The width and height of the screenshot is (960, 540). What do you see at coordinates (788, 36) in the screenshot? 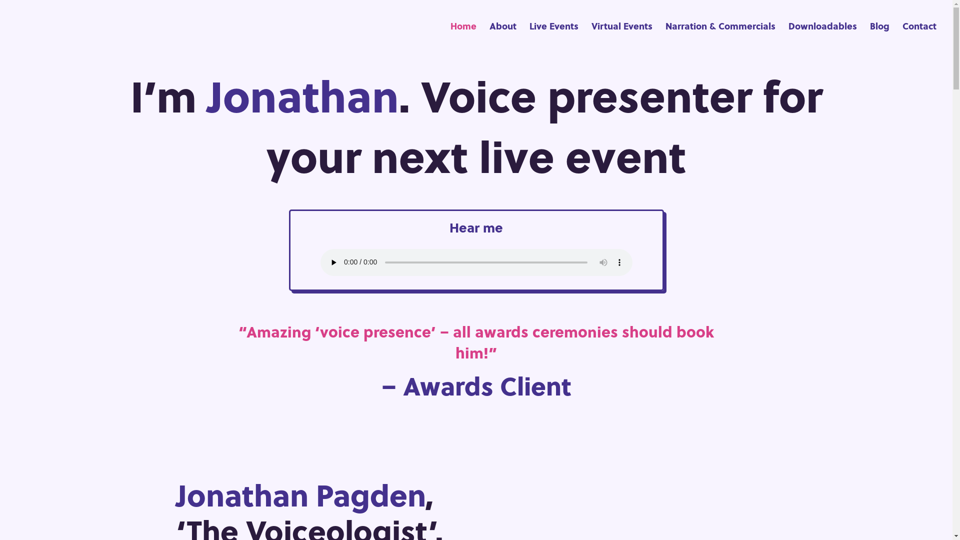
I see `'Downloadables'` at bounding box center [788, 36].